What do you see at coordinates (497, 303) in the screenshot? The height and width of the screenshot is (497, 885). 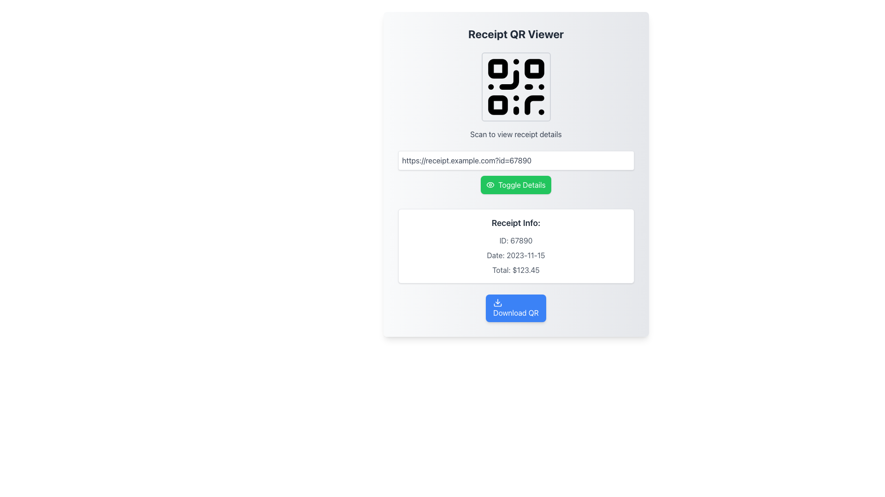 I see `the small download icon with a downward arrow located at the top-left of the 'Download QR' button` at bounding box center [497, 303].